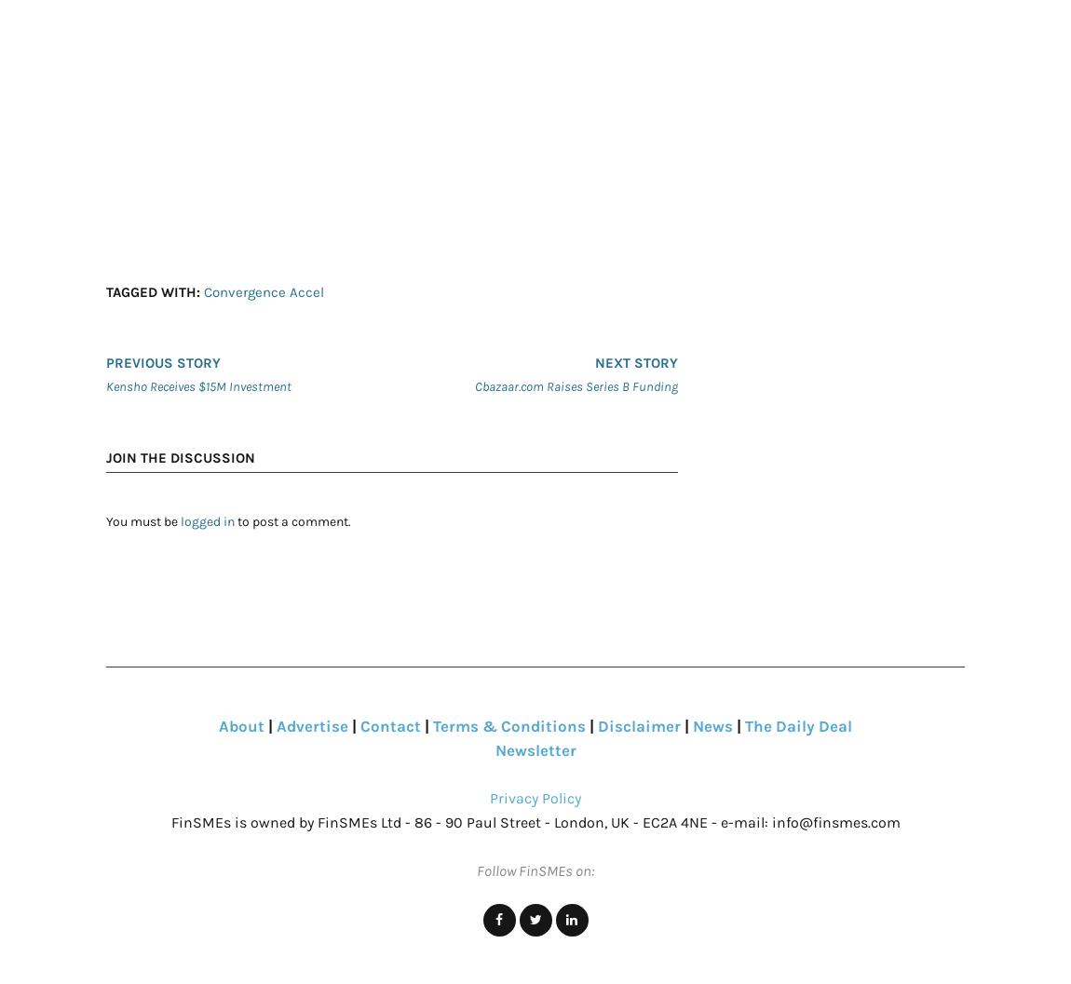  I want to click on 'Contact', so click(390, 725).